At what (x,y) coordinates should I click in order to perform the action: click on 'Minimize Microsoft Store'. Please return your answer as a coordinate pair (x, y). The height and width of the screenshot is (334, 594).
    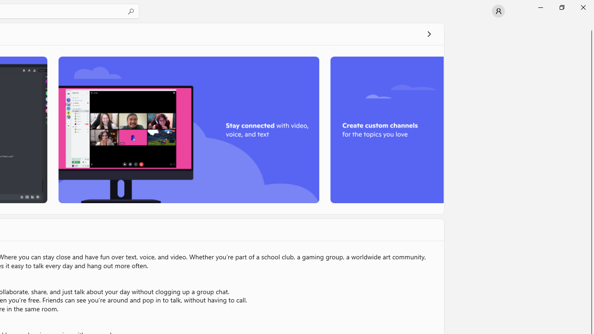
    Looking at the image, I should click on (540, 7).